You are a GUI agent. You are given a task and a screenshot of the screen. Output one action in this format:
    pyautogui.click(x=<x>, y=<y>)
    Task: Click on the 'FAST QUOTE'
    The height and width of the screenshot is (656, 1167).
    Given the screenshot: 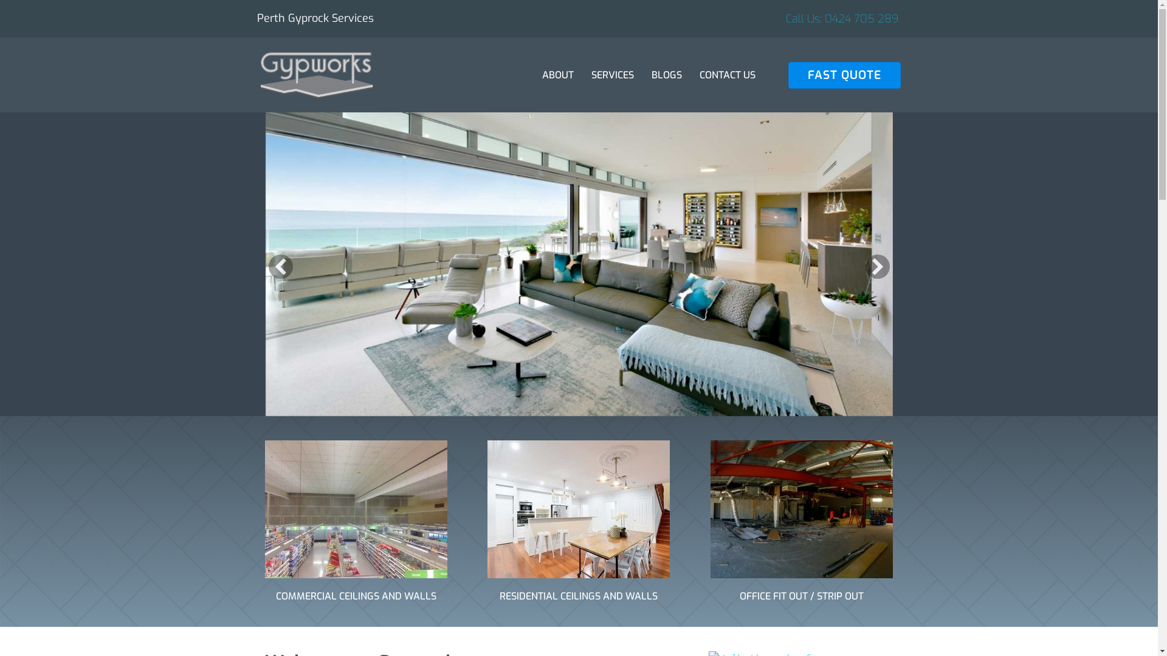 What is the action you would take?
    pyautogui.click(x=844, y=75)
    